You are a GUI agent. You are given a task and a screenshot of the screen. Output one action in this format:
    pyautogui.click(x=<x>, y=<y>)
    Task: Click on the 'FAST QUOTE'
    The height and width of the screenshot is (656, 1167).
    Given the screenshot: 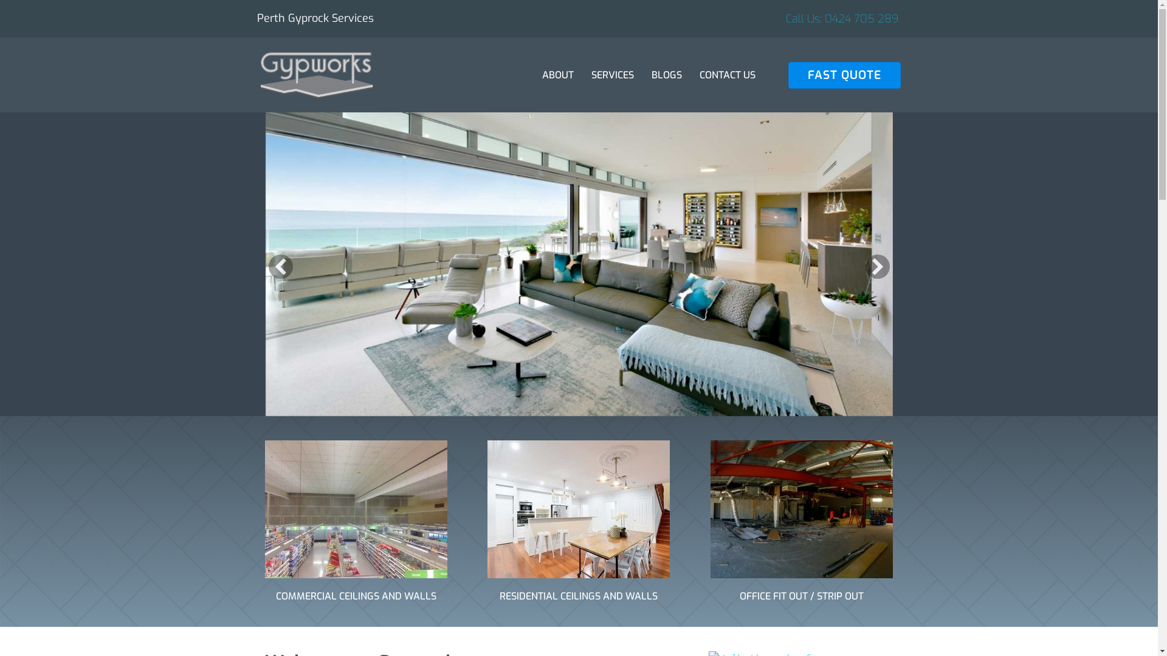 What is the action you would take?
    pyautogui.click(x=844, y=75)
    